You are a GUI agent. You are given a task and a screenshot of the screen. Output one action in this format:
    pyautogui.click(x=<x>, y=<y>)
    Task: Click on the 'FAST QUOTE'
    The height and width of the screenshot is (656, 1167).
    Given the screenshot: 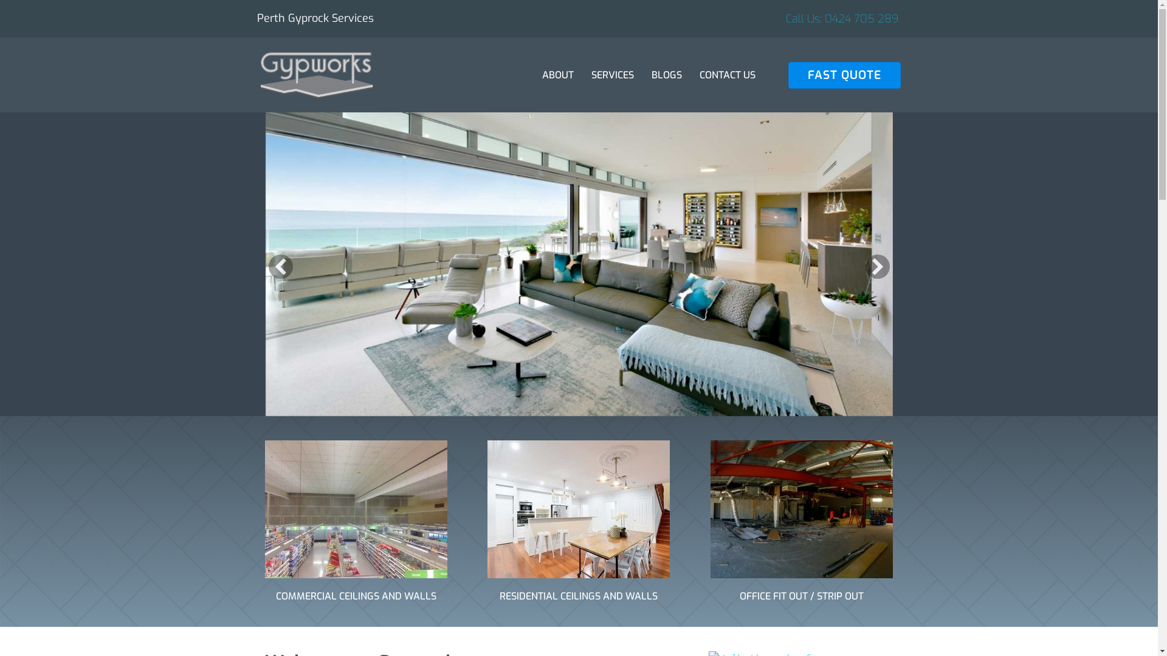 What is the action you would take?
    pyautogui.click(x=844, y=75)
    